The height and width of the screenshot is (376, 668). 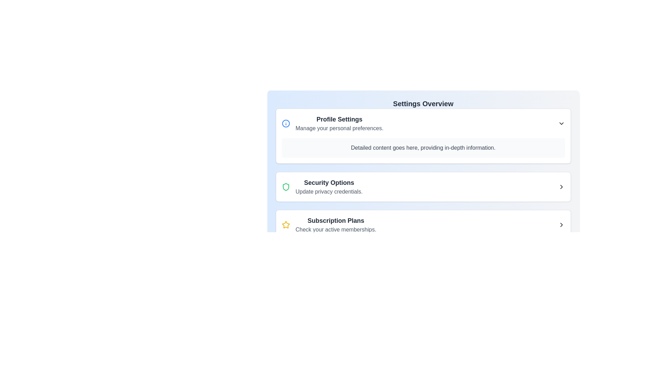 What do you see at coordinates (286, 225) in the screenshot?
I see `the Icon representing the 'Subscription Plans' section, which serves as a visual marker beside the subscription plan description` at bounding box center [286, 225].